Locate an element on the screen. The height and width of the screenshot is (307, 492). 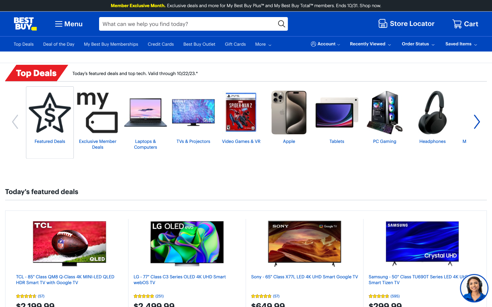
the ratings of Samsung Crystal UHD TV is located at coordinates (422, 296).